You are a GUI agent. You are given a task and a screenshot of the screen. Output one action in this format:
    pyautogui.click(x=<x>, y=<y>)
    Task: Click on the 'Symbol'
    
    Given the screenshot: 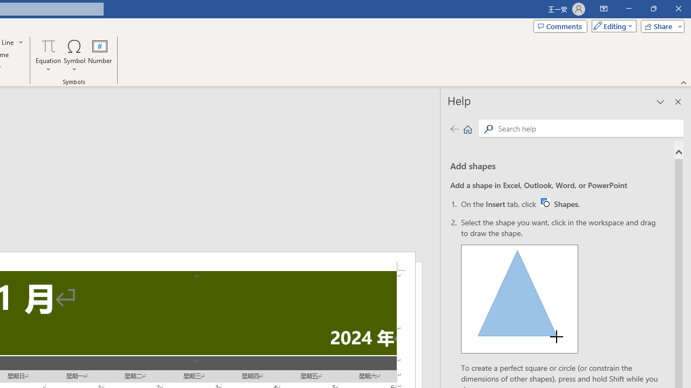 What is the action you would take?
    pyautogui.click(x=74, y=56)
    